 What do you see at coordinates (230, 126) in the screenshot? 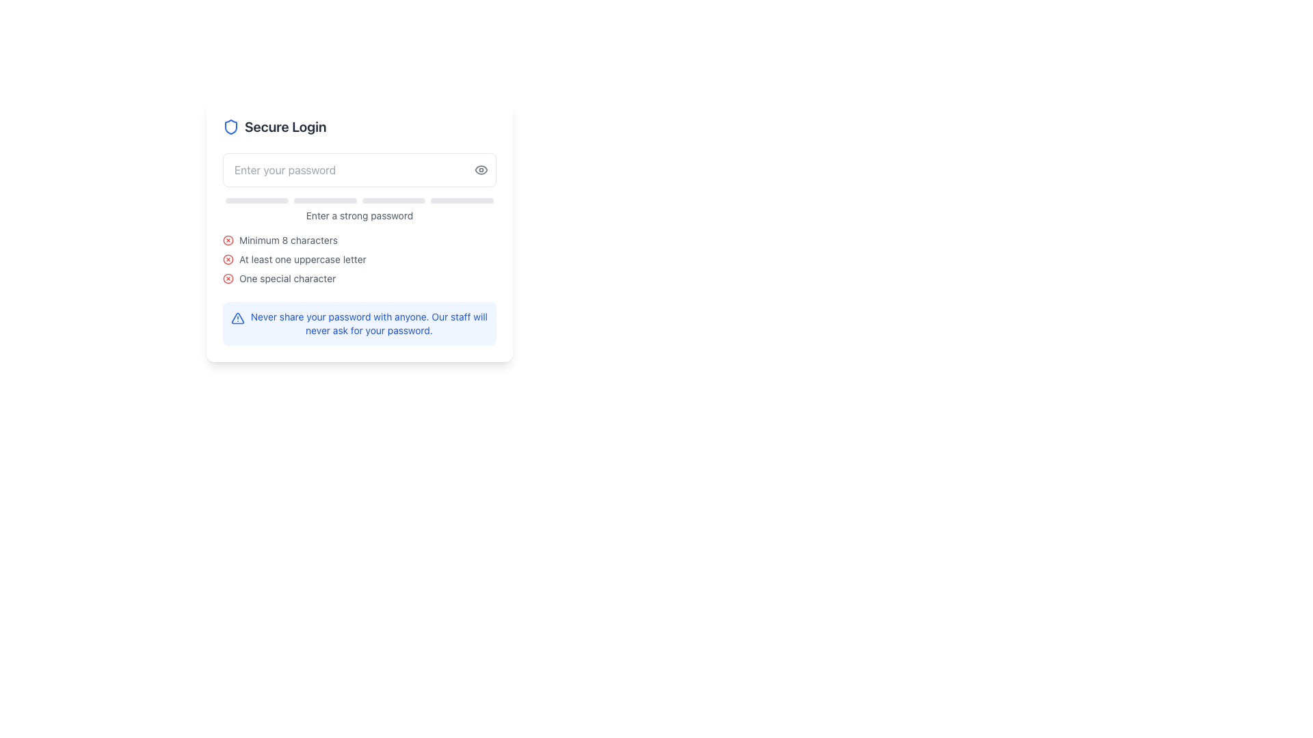
I see `the shield icon with a blue outline that is positioned to the left of the 'Secure Login' text` at bounding box center [230, 126].